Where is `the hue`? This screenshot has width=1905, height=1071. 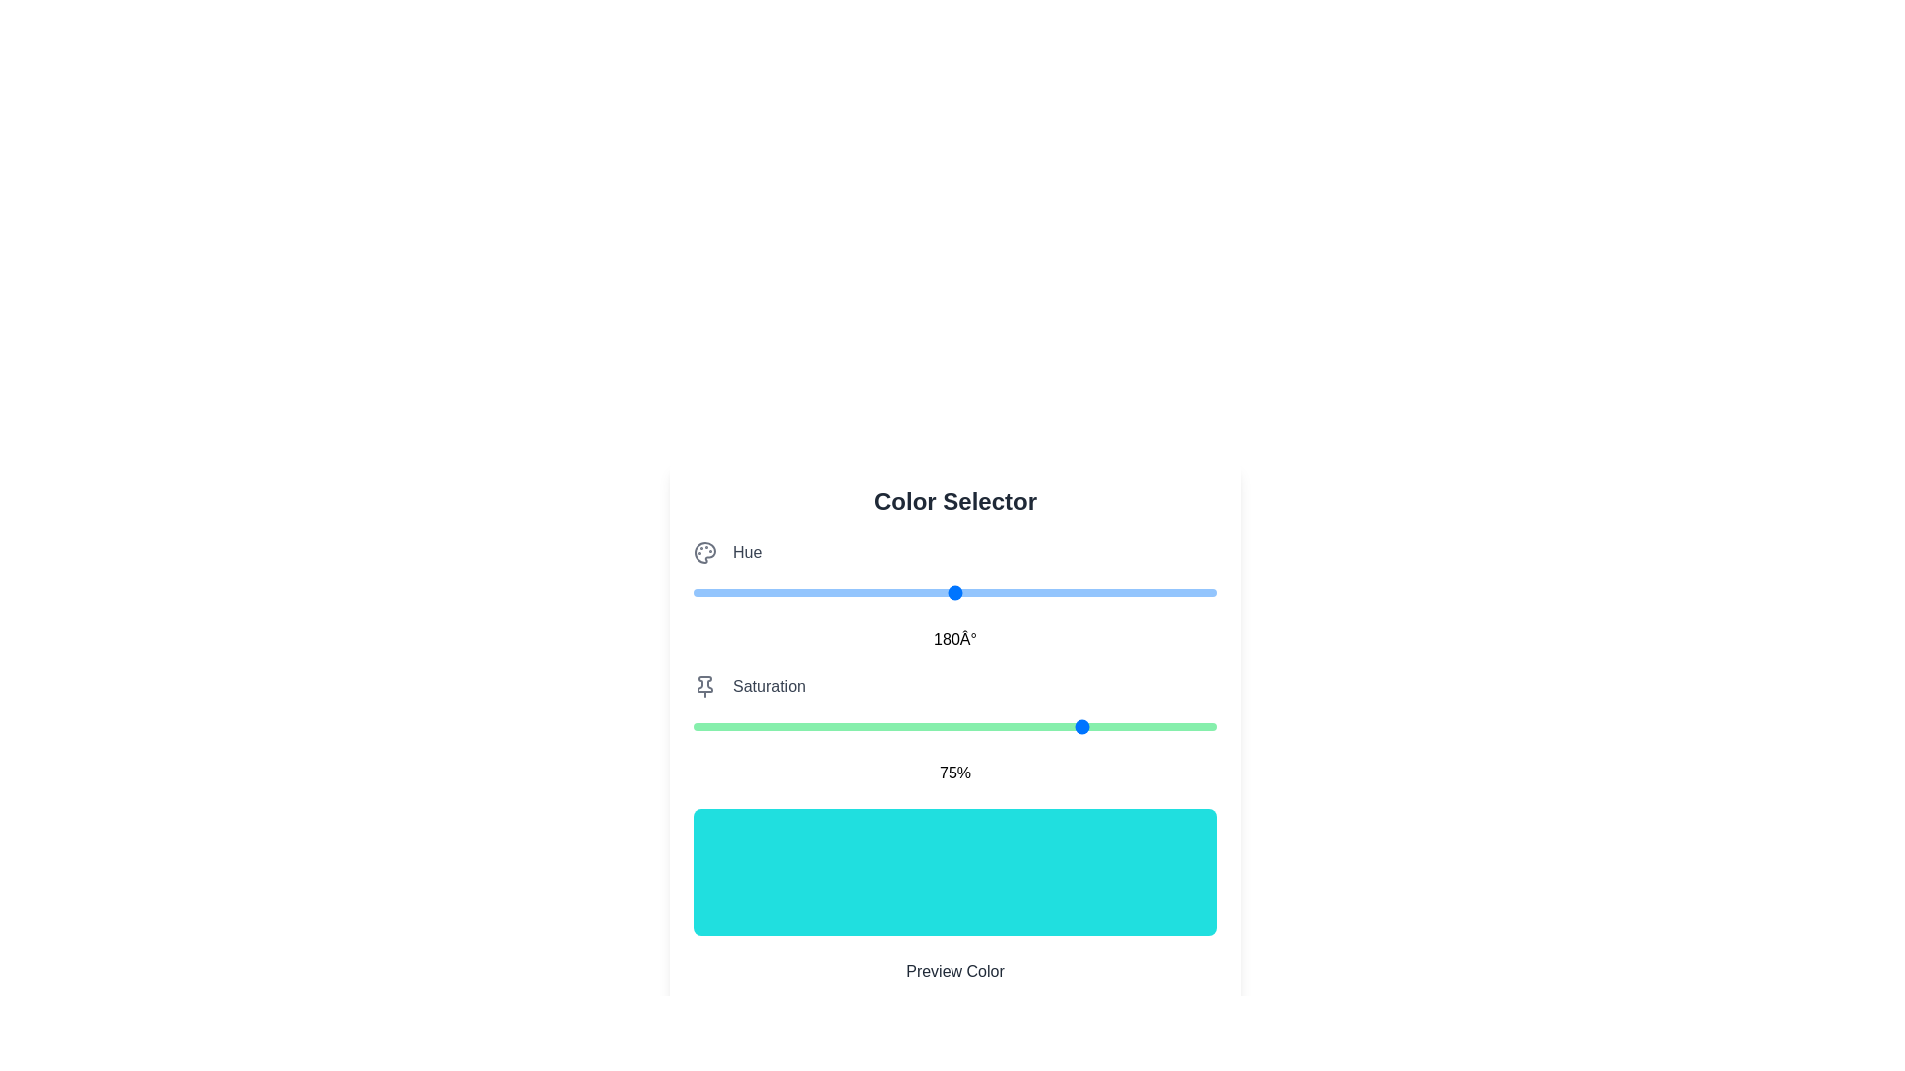
the hue is located at coordinates (817, 591).